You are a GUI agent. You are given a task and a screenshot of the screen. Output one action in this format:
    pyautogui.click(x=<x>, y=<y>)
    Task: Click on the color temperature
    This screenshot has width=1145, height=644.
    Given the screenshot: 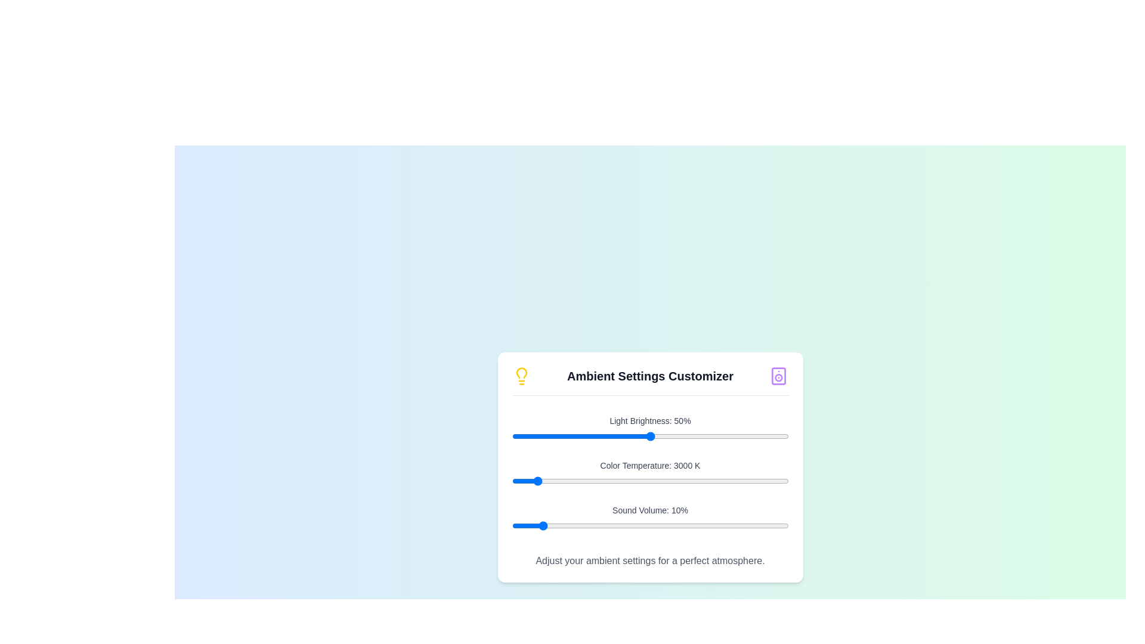 What is the action you would take?
    pyautogui.click(x=703, y=480)
    